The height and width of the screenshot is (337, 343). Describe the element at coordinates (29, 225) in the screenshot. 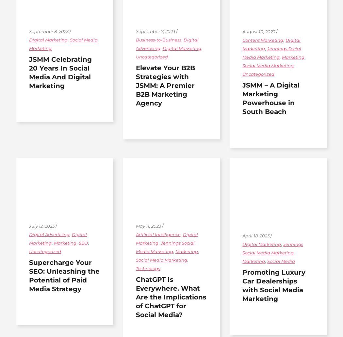

I see `'July 12, 2023'` at that location.